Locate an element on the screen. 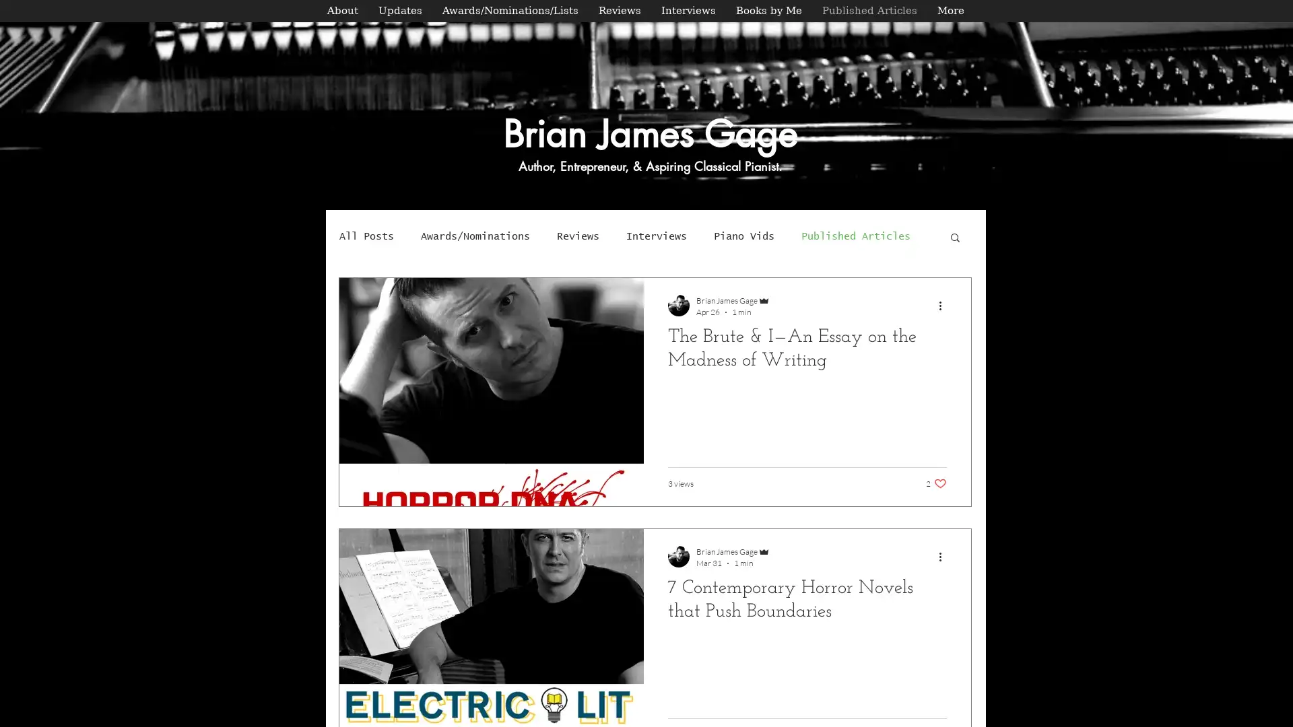 The width and height of the screenshot is (1293, 727). More actions is located at coordinates (943, 556).